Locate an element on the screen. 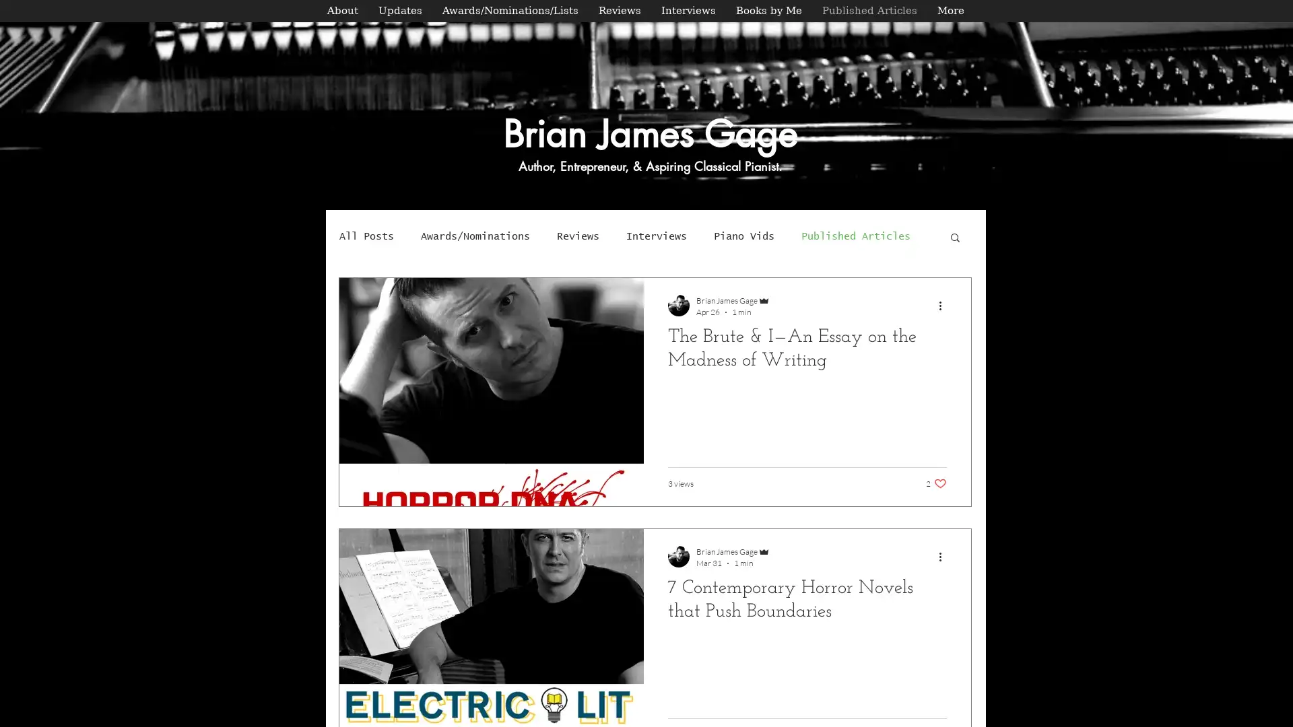 The width and height of the screenshot is (1293, 727). More actions is located at coordinates (943, 556).